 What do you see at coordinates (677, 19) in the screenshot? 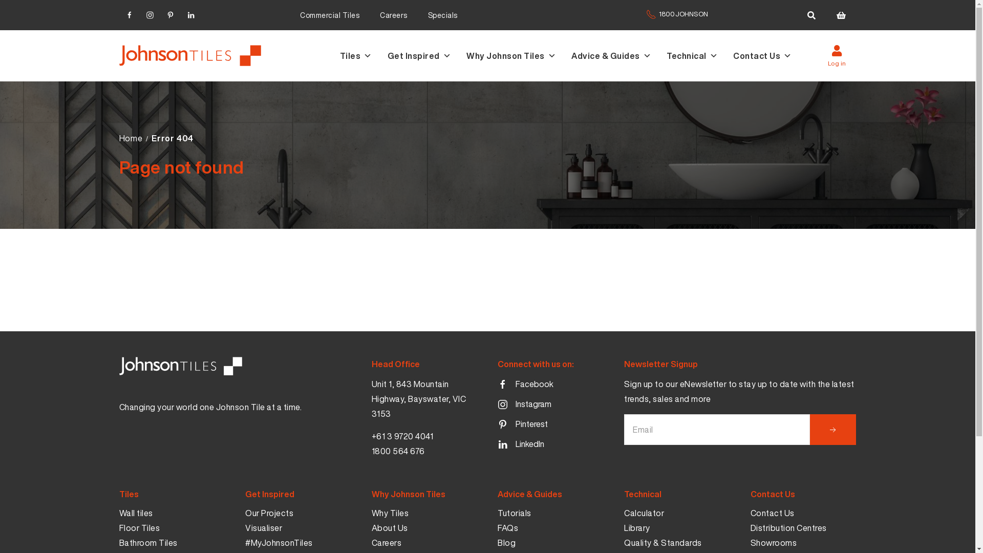
I see `'1800JOHNSON'` at bounding box center [677, 19].